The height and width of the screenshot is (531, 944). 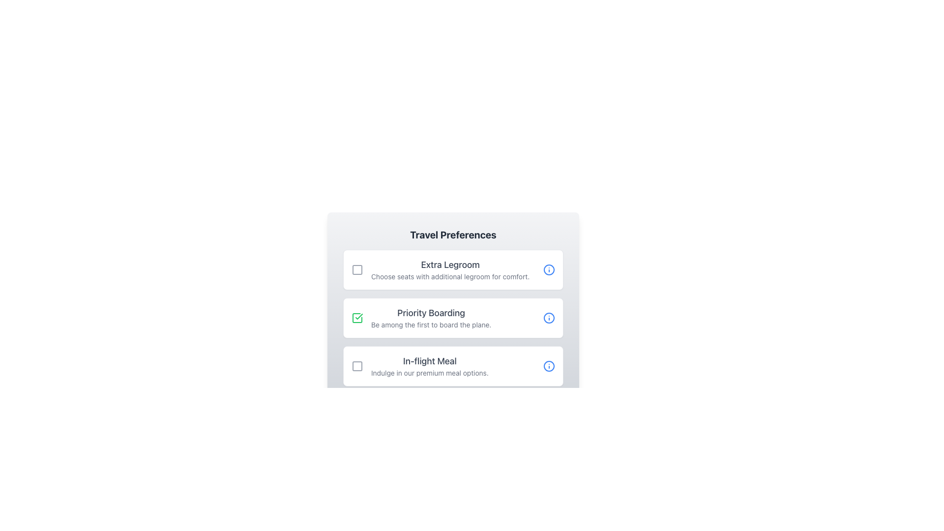 What do you see at coordinates (452, 366) in the screenshot?
I see `to select the checkbox for the in-flight meal preference option, which is part of an interactive component located at the bottom of a list of options` at bounding box center [452, 366].